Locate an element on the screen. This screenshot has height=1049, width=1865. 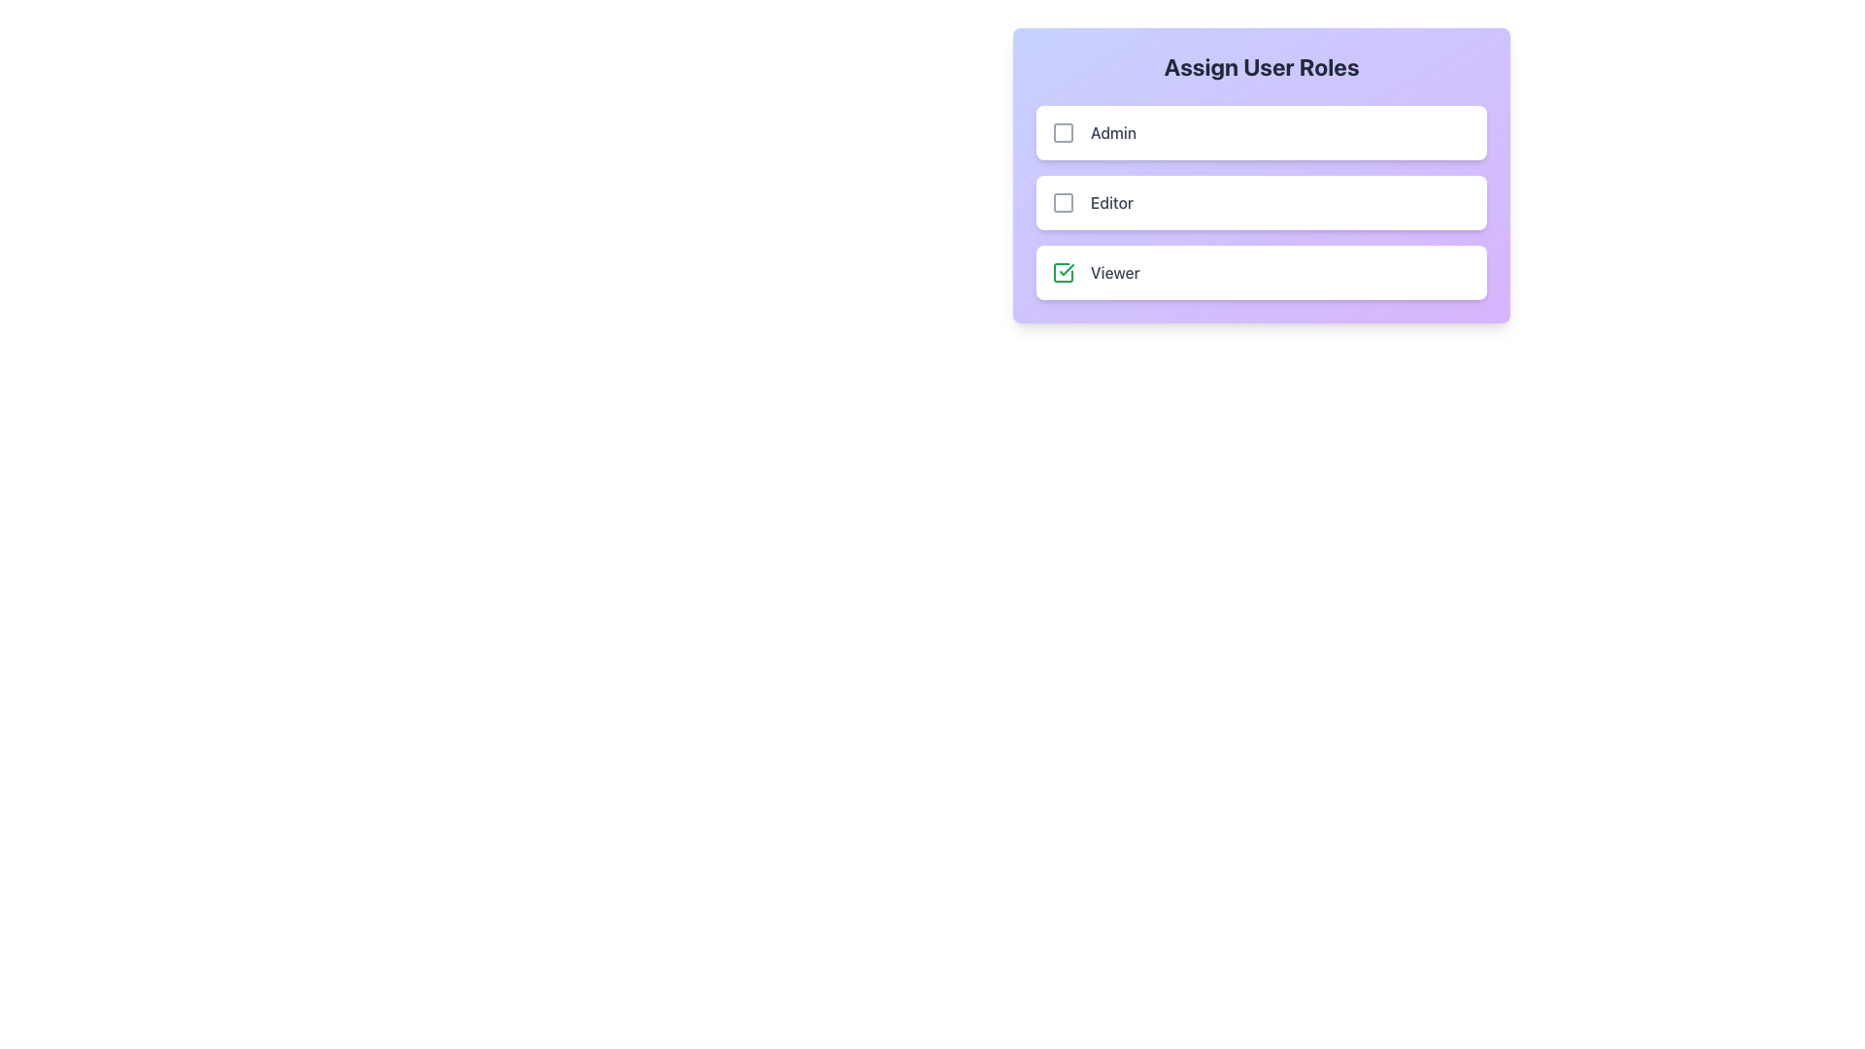
the red-outlined checkbox for the 'Editor' option located in the 'Assign User Roles' frame is located at coordinates (1062, 202).